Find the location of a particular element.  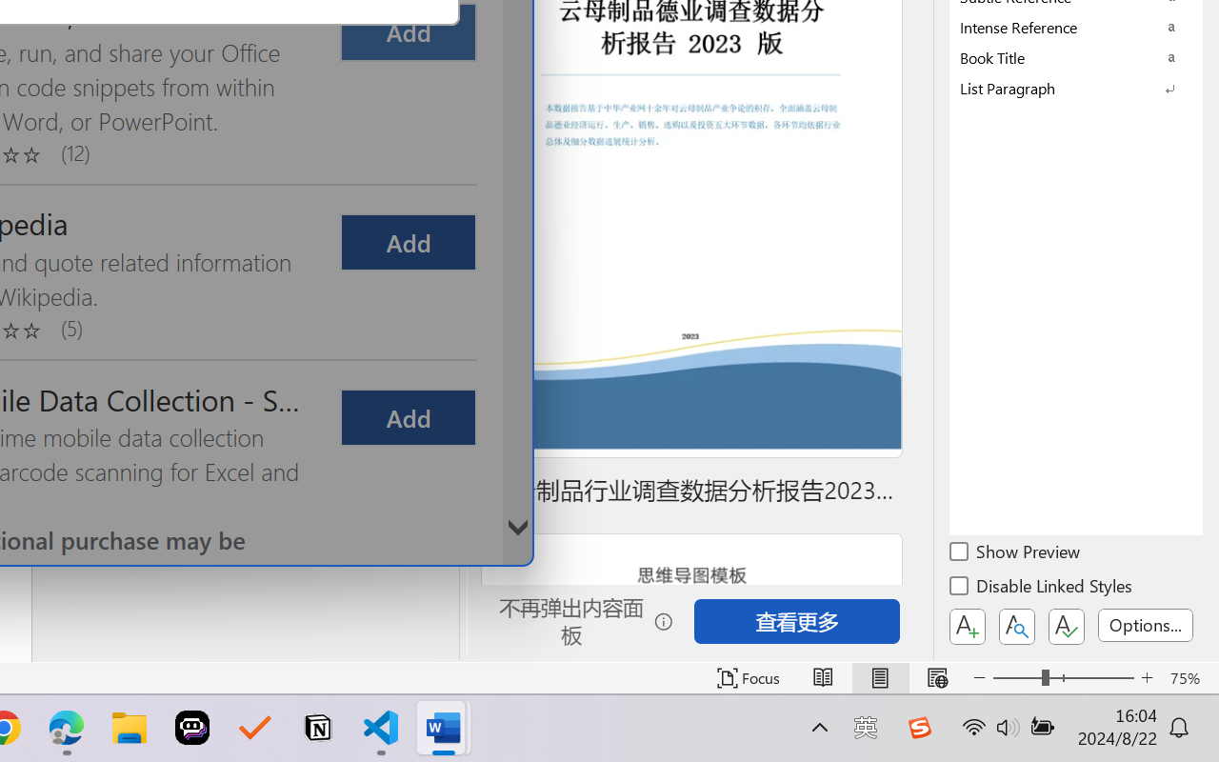

'Disable Linked Styles' is located at coordinates (1042, 589).